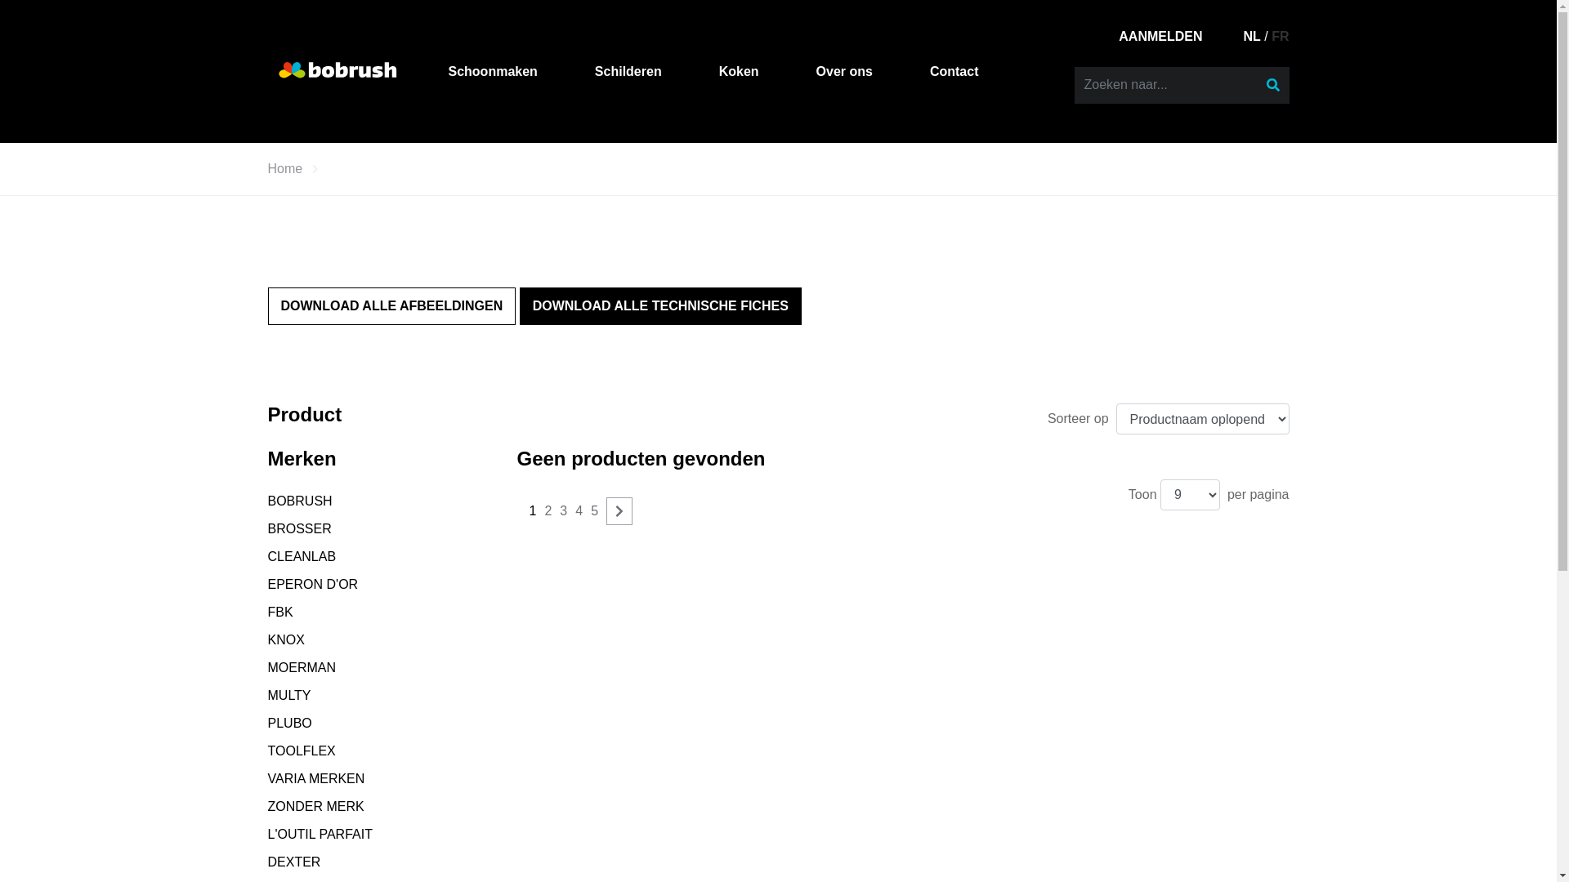  What do you see at coordinates (267, 862) in the screenshot?
I see `'DEXTER'` at bounding box center [267, 862].